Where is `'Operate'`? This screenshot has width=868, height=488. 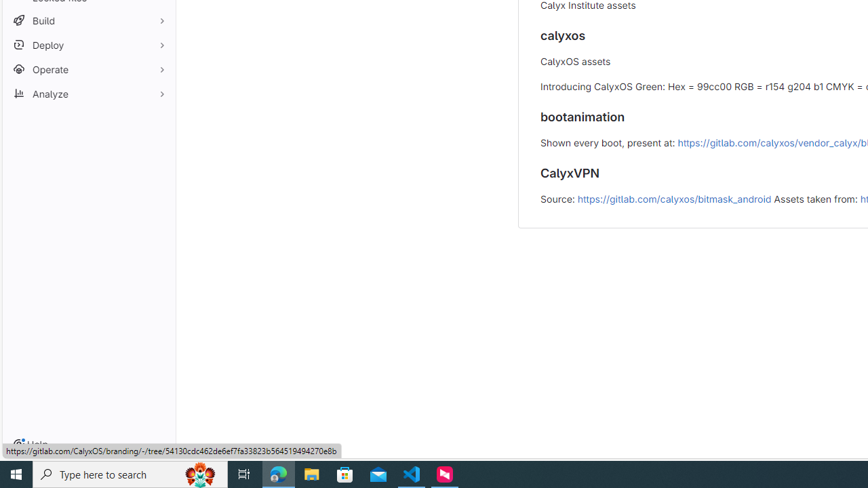 'Operate' is located at coordinates (88, 69).